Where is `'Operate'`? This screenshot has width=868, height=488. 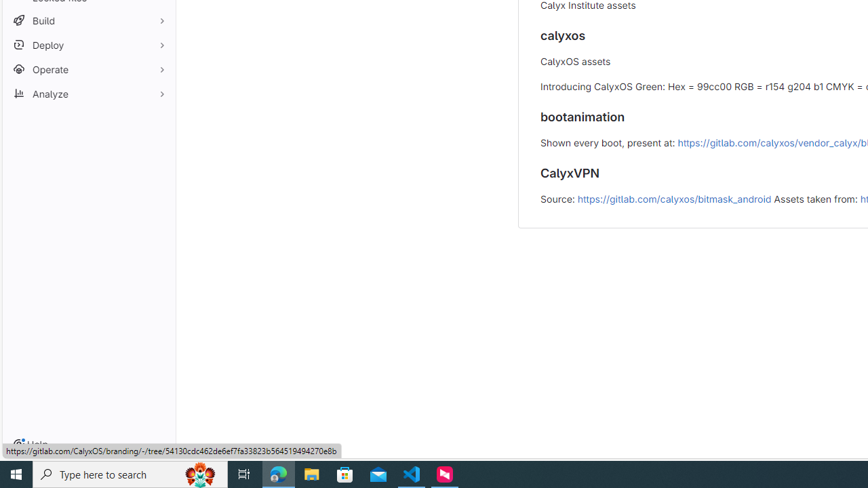 'Operate' is located at coordinates (88, 69).